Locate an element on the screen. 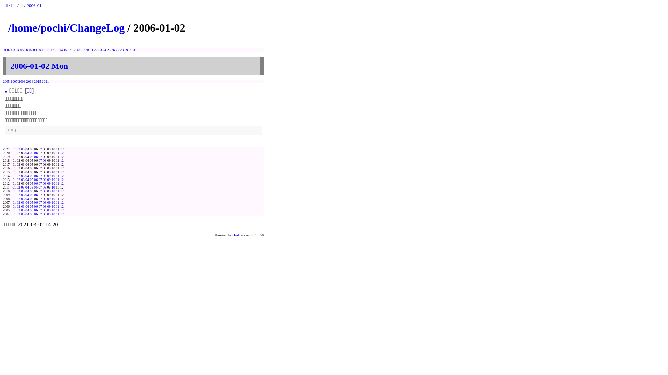  '10' is located at coordinates (53, 191).